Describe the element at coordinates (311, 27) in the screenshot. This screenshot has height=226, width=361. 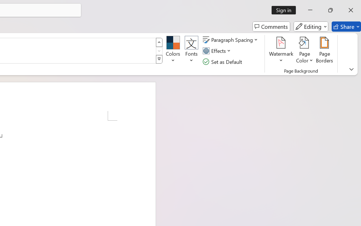
I see `'Editing'` at that location.